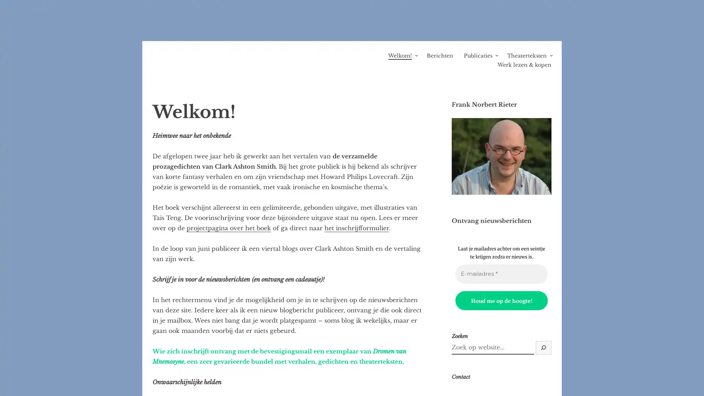  I want to click on Houd me op de hoogte!, so click(501, 300).